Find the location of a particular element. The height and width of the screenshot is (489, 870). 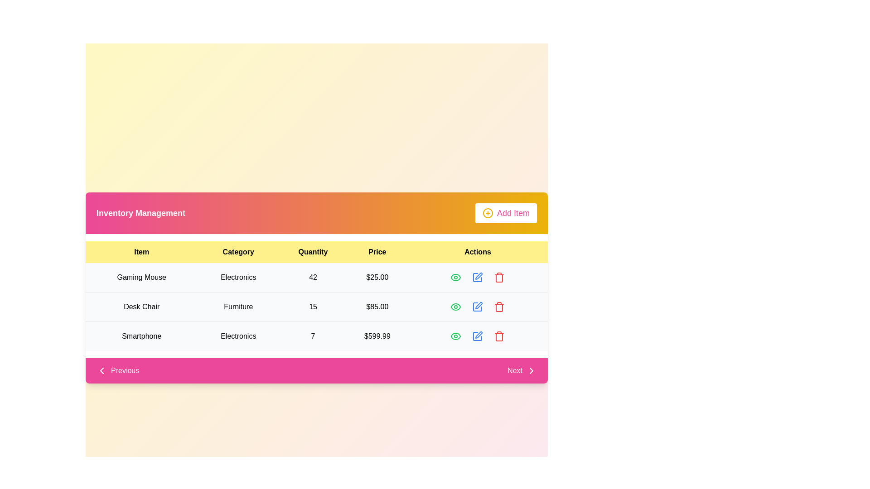

the text label displaying 'Smartphone' in black font on a white background, located in the first cell of the third row under the 'Item' column is located at coordinates (141, 336).